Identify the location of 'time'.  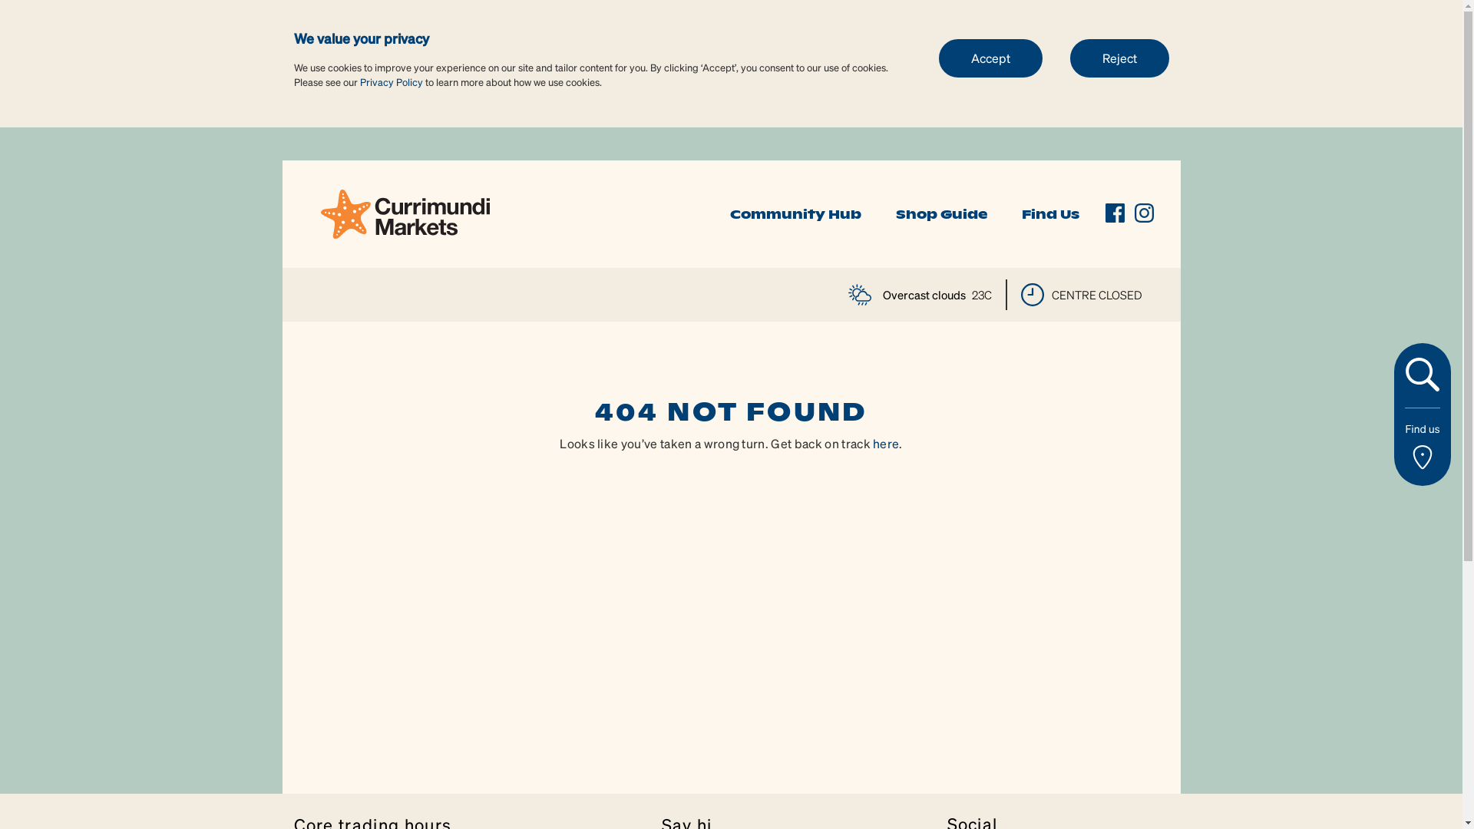
(1032, 295).